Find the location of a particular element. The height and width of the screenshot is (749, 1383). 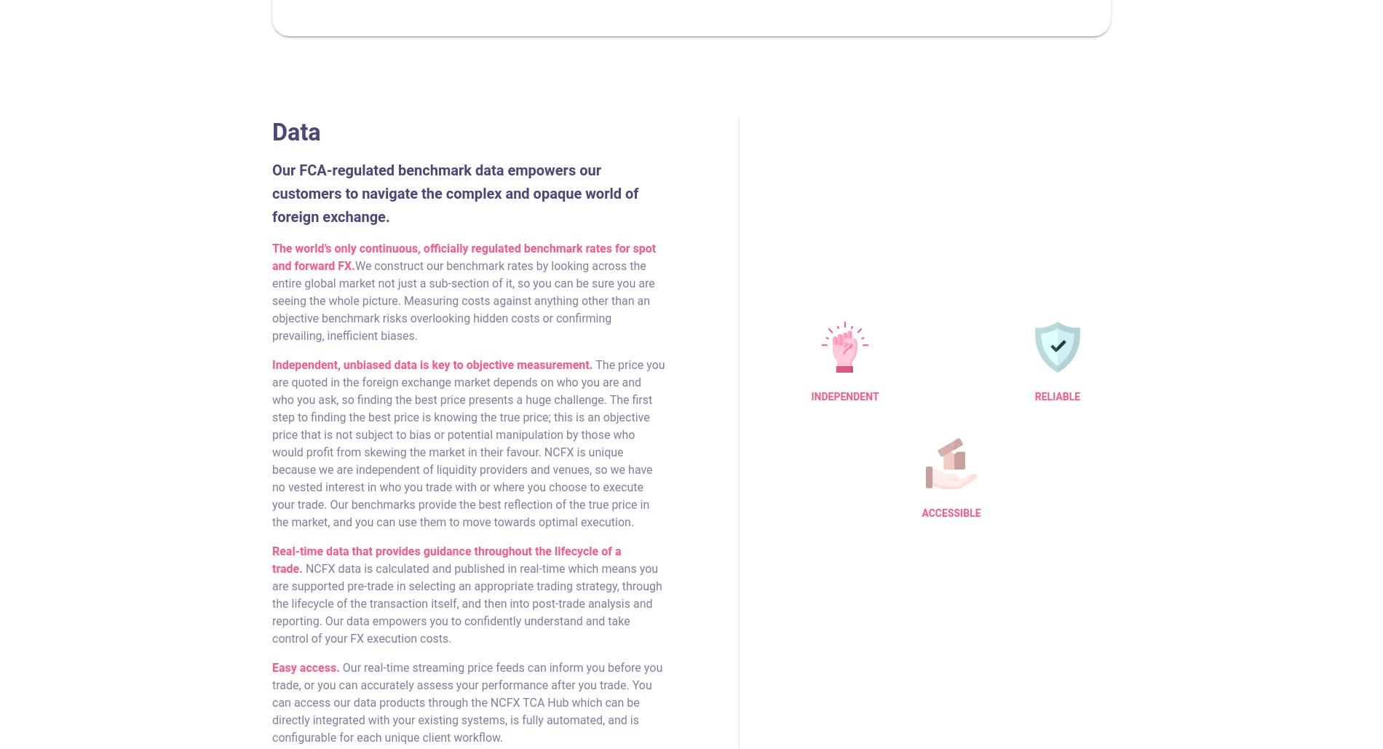

'We construct our benchmark rates by looking across the entire global market not just a sub-section of it, so you can be sure you are seeing the whole picture. Measuring costs against anything other than an objective benchmark risks overlooking hidden costs or confirming prevailing, inefficient biases.' is located at coordinates (463, 299).